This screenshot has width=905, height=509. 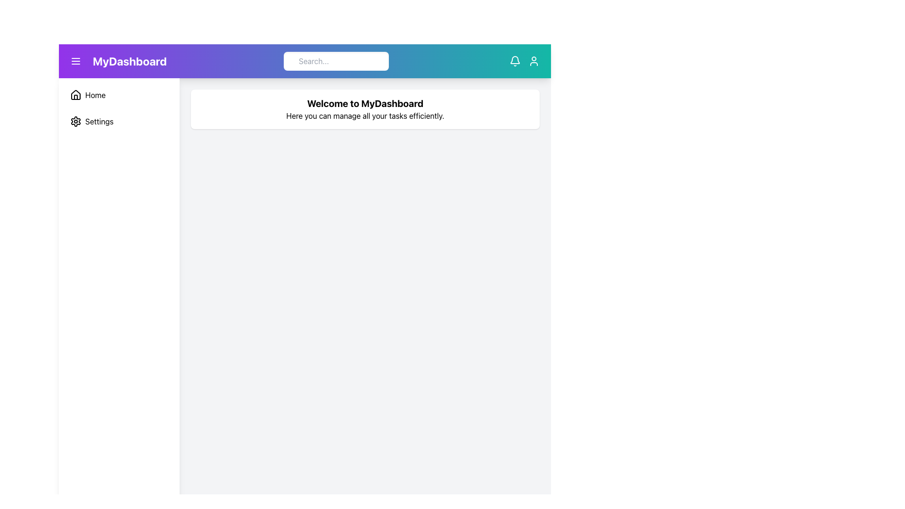 What do you see at coordinates (515, 61) in the screenshot?
I see `the notification bell icon button, which is a simple outline style bell icon located in the top-right corner of the application interface, to visually highlight it` at bounding box center [515, 61].